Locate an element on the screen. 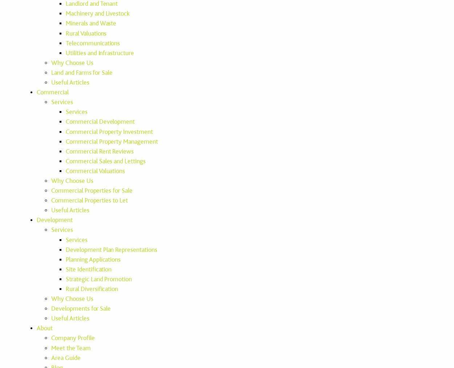  'Company Profile' is located at coordinates (72, 338).